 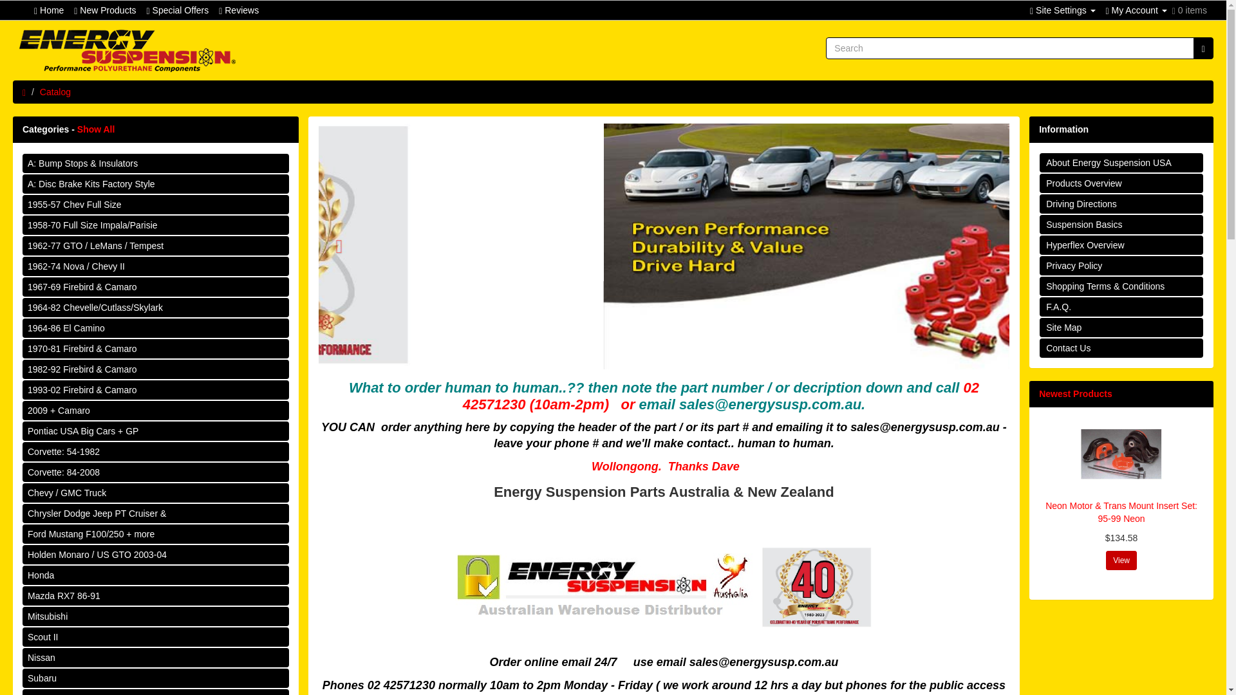 I want to click on 'F.A.Q.', so click(x=1121, y=307).